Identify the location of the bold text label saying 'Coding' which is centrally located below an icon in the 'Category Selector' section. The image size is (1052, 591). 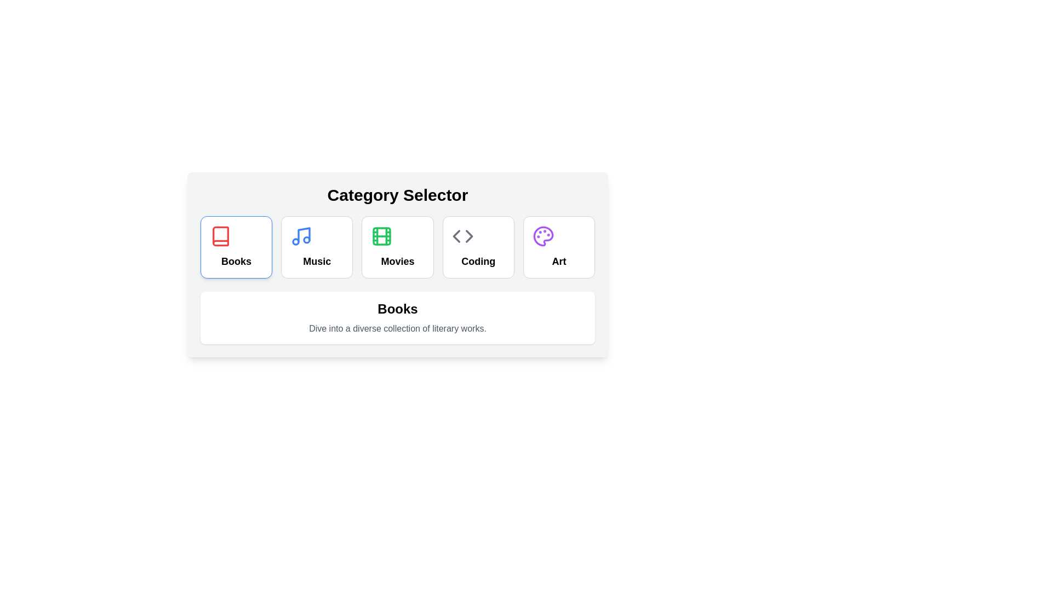
(478, 262).